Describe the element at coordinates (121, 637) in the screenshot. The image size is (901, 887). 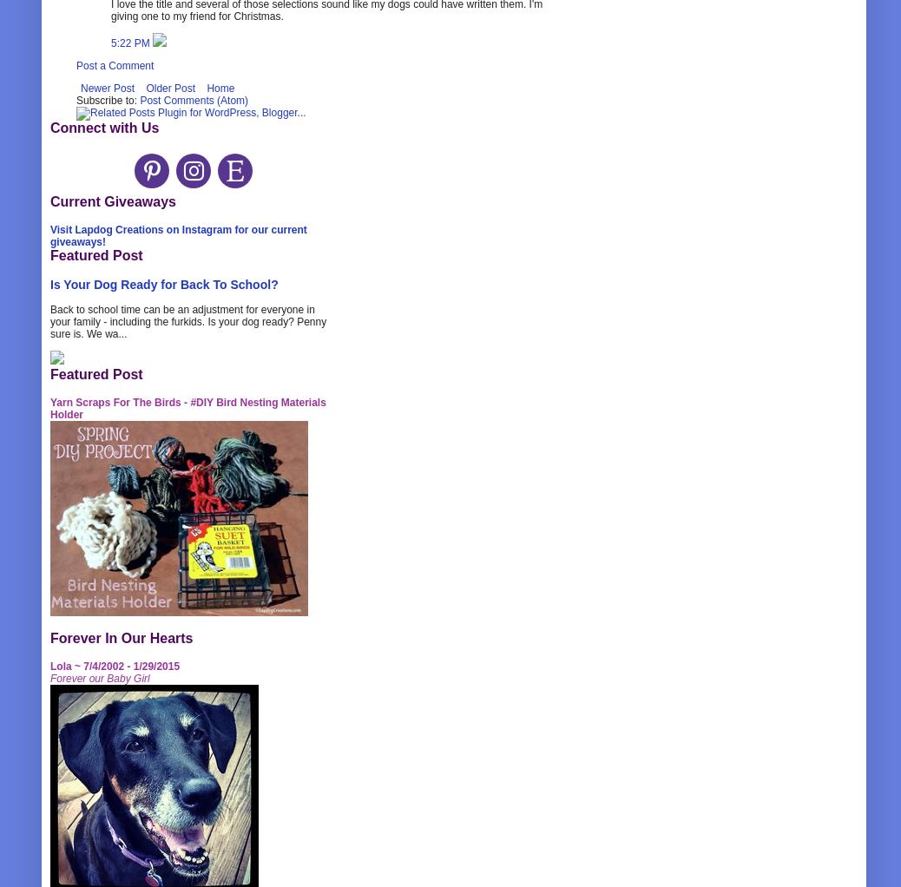
I see `'Forever In Our Hearts'` at that location.